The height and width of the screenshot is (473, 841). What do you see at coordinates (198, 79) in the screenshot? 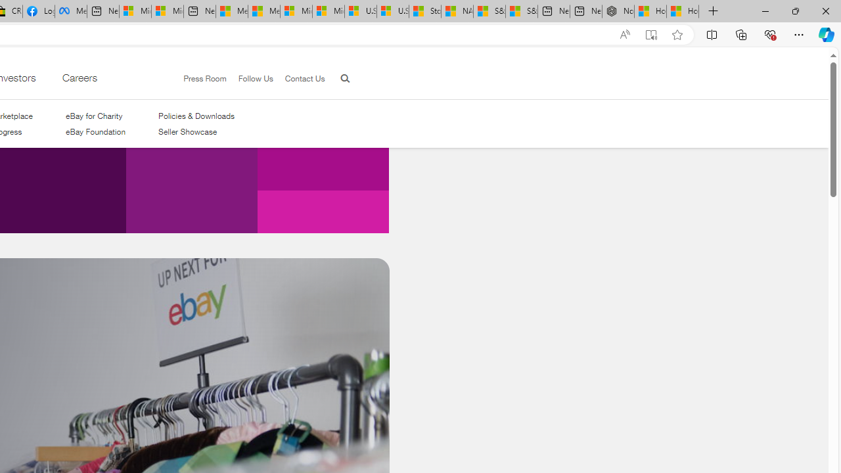
I see `'Press Room'` at bounding box center [198, 79].